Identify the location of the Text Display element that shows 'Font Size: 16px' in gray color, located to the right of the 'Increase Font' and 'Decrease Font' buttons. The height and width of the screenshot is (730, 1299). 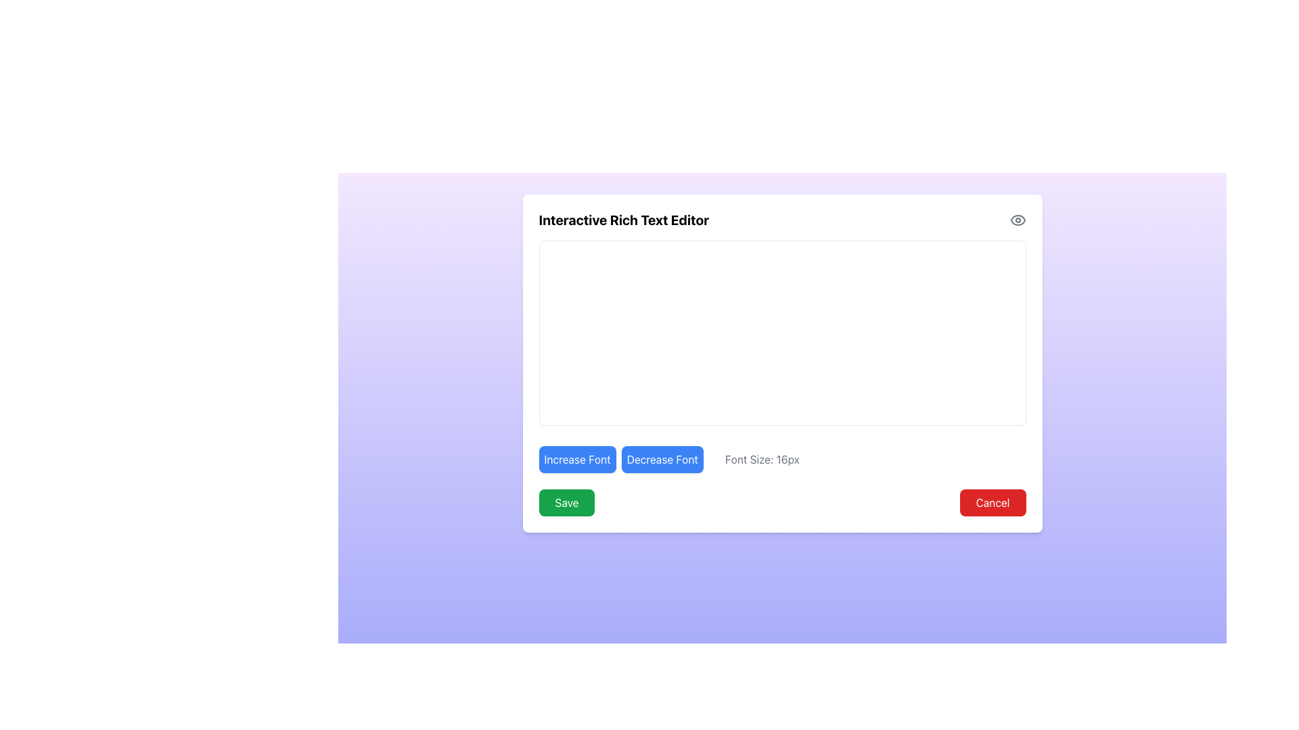
(762, 458).